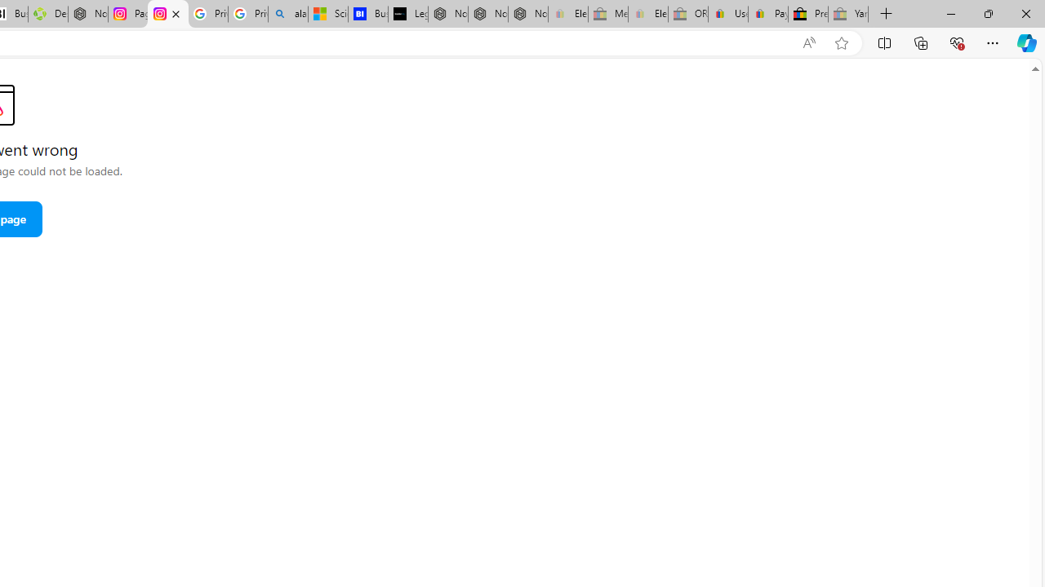 This screenshot has width=1045, height=587. What do you see at coordinates (808, 14) in the screenshot?
I see `'Press Room - eBay Inc.'` at bounding box center [808, 14].